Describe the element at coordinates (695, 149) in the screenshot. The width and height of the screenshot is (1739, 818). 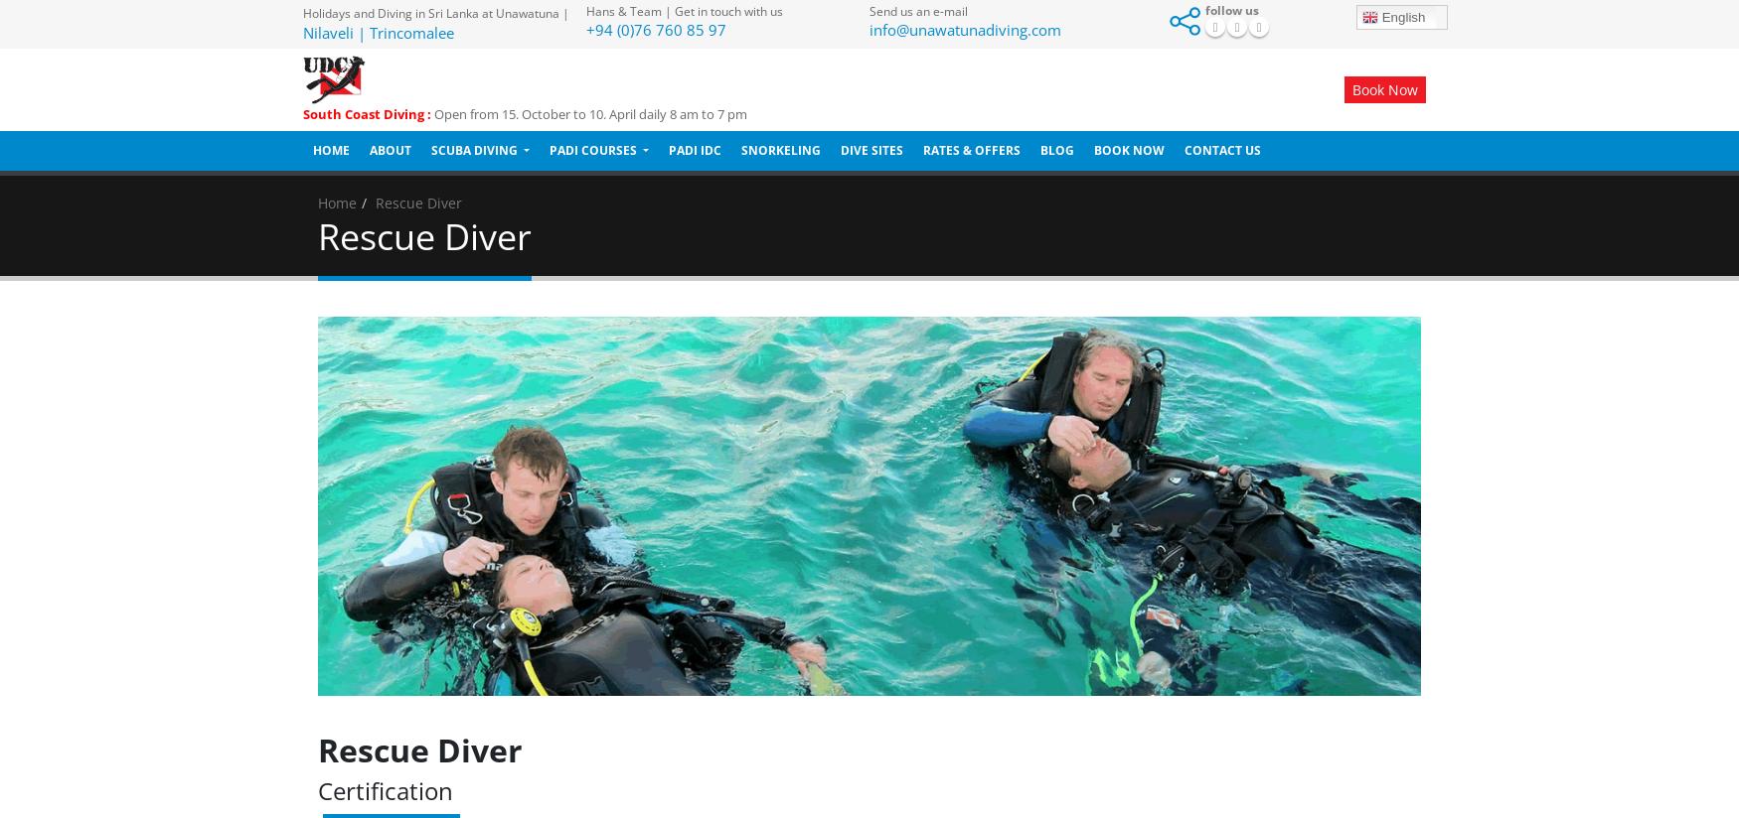
I see `'PADI IDC'` at that location.